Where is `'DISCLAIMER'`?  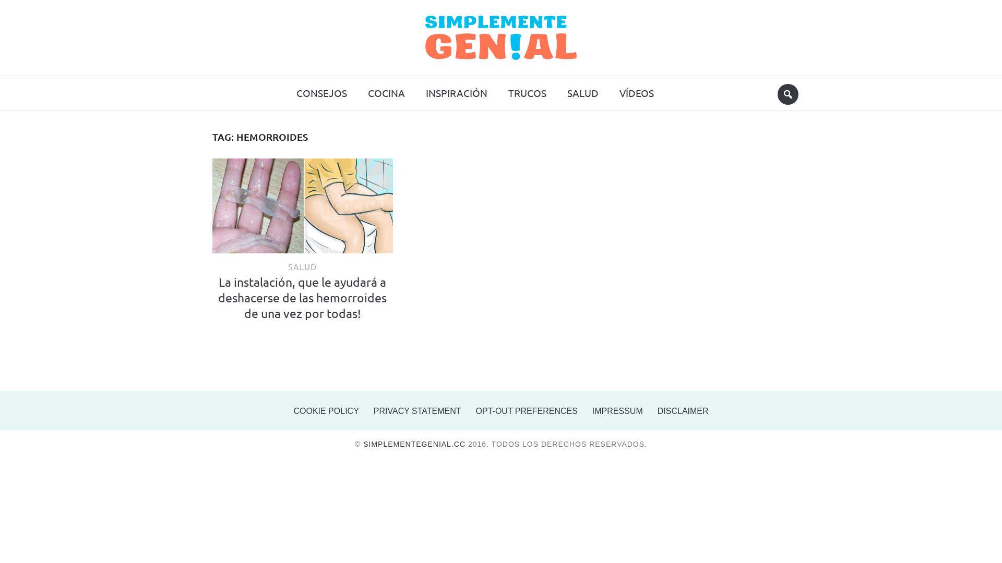
'DISCLAIMER' is located at coordinates (683, 410).